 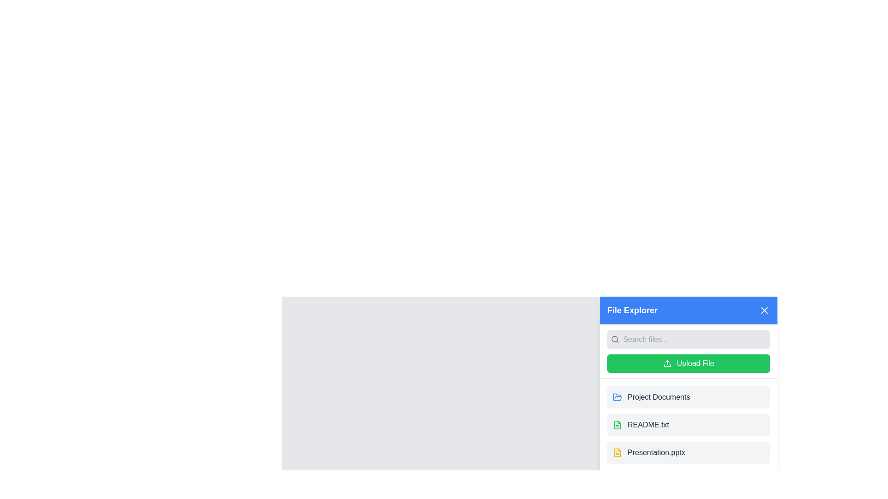 I want to click on the button with a green background located in the 'File Explorer' modal, positioned below the search bar and above the file list, to initiate the file upload process, so click(x=688, y=363).